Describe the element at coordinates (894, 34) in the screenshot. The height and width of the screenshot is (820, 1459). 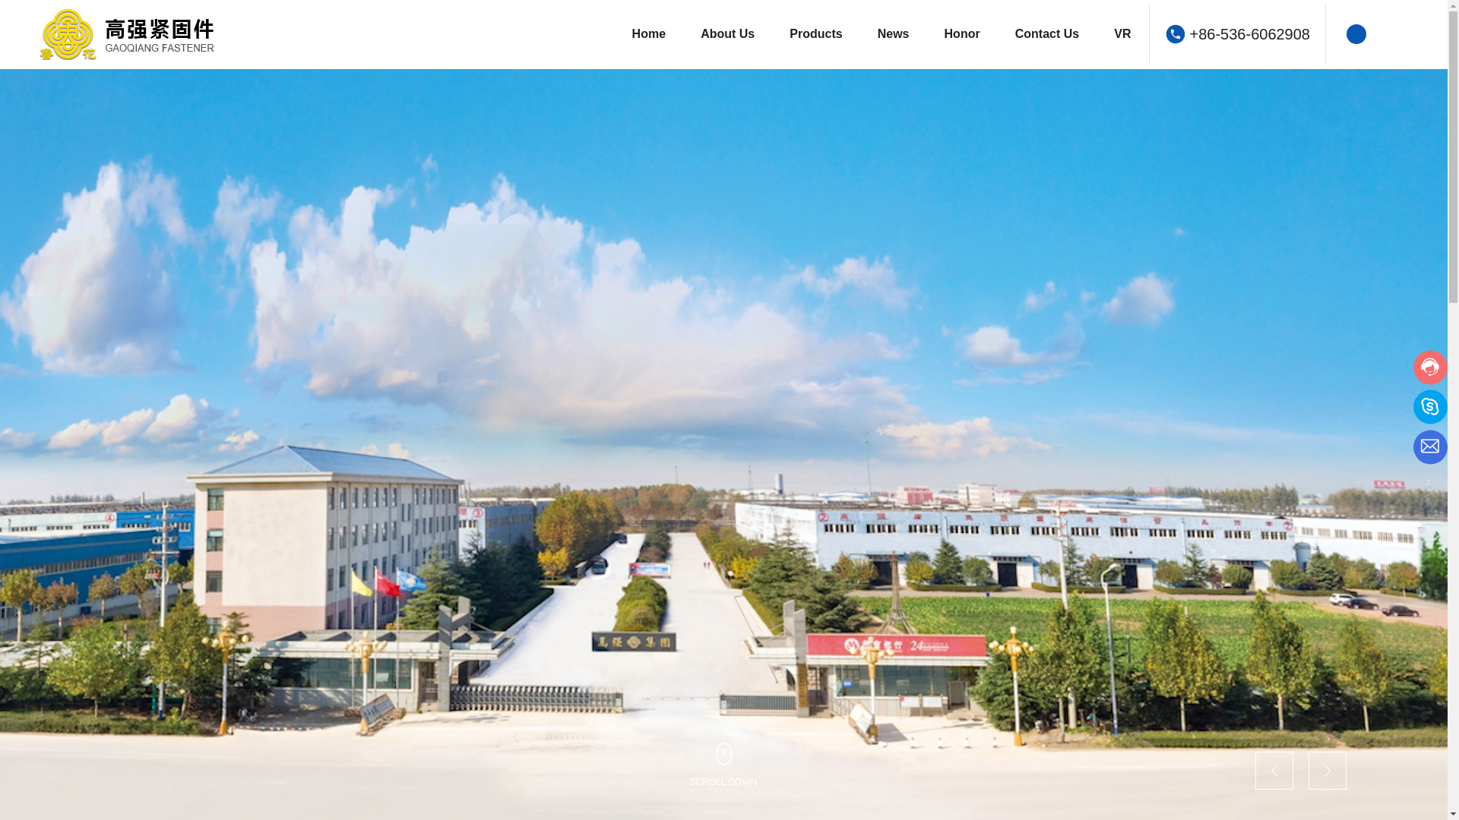
I see `'News'` at that location.